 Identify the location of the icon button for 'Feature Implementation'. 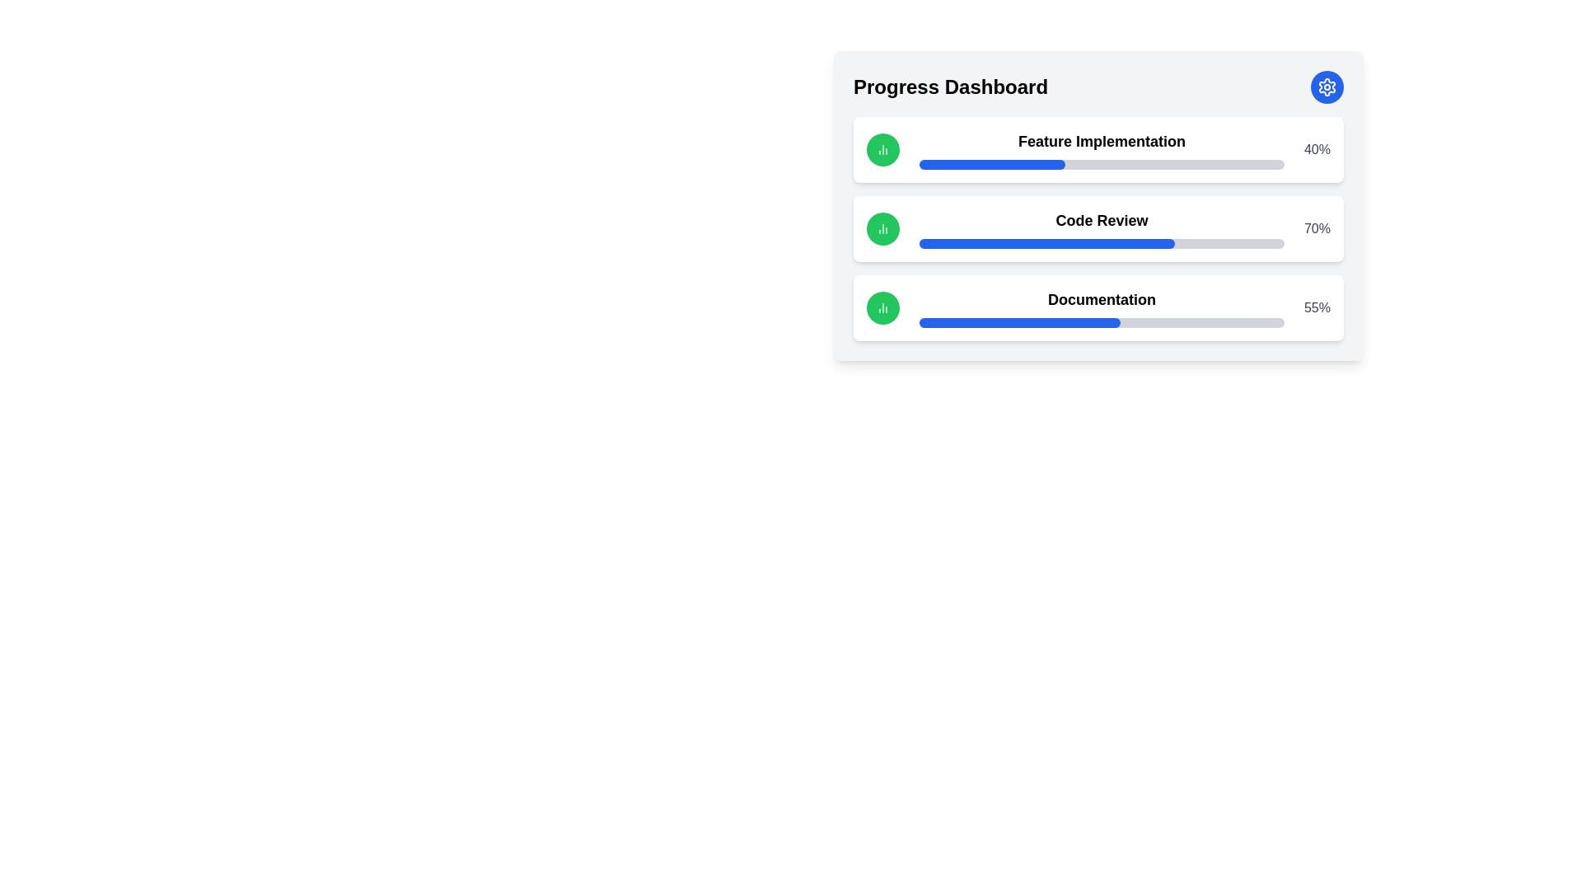
(882, 149).